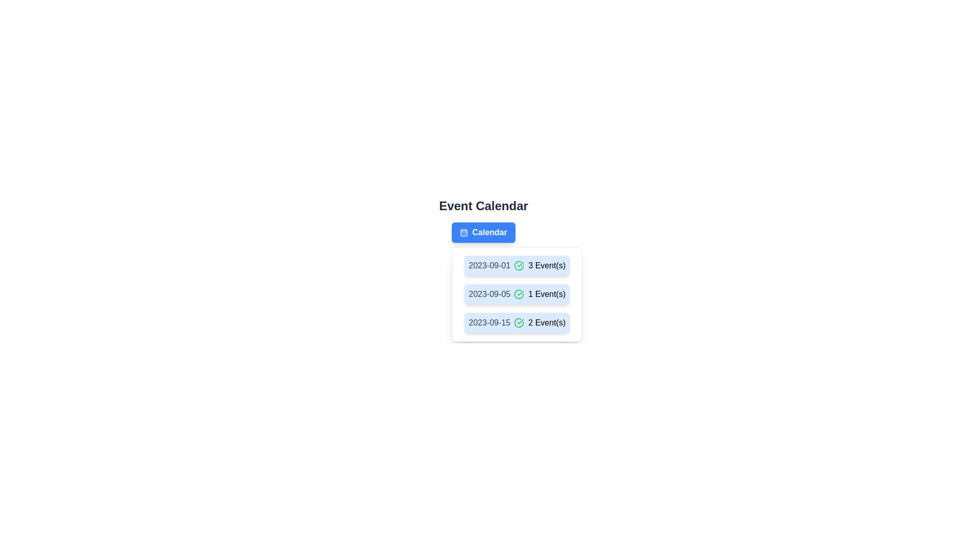  What do you see at coordinates (519, 294) in the screenshot?
I see `the status indicator icon associated with the event on '2023-09-05', which is the first item in its horizontal group and located to the left of the text '1 Event(s)'` at bounding box center [519, 294].